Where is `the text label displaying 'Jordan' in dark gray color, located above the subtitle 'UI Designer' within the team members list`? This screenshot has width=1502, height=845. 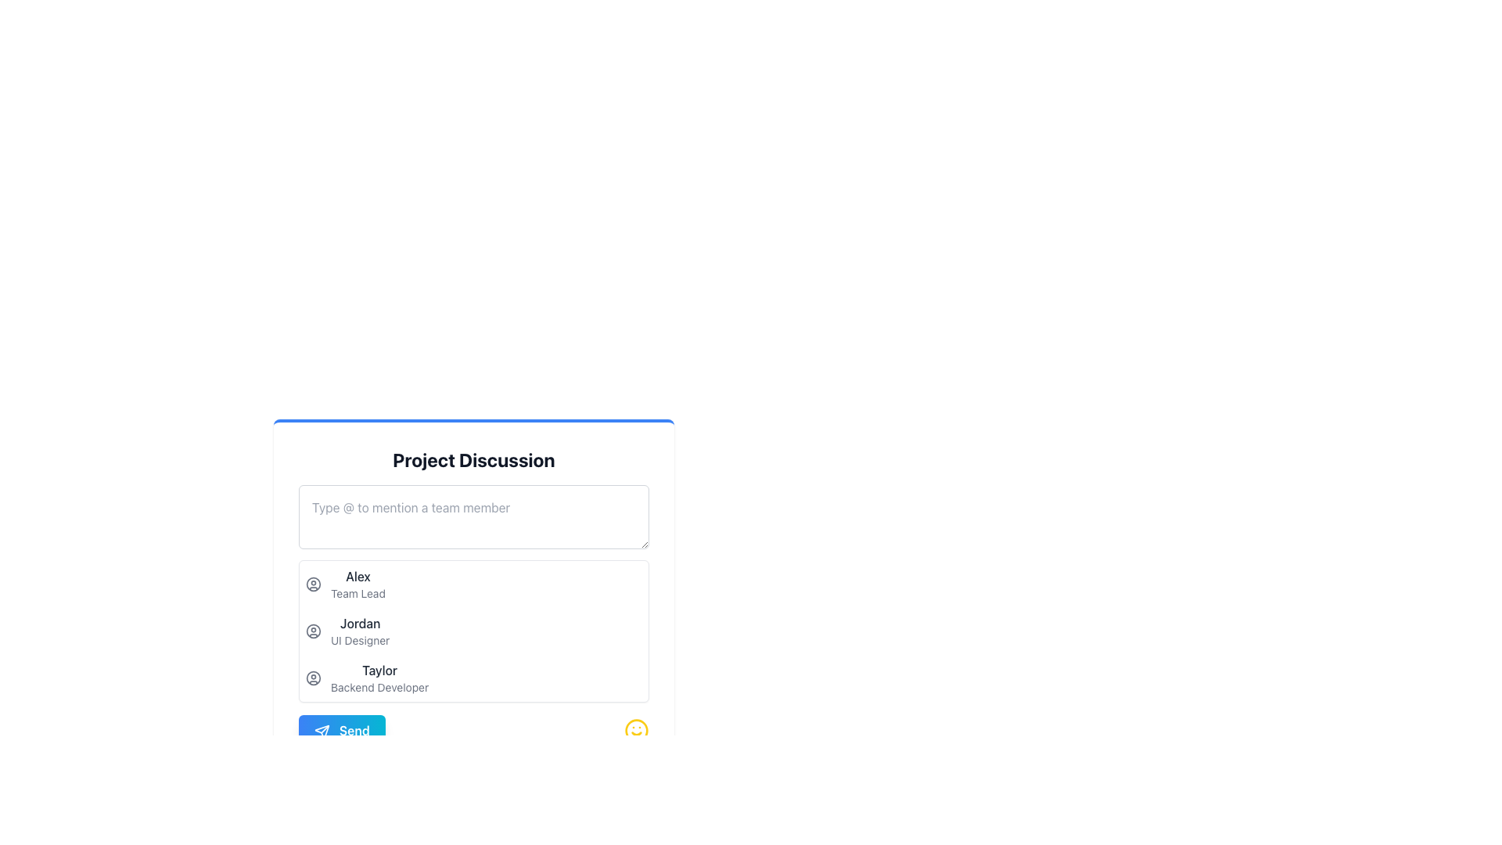
the text label displaying 'Jordan' in dark gray color, located above the subtitle 'UI Designer' within the team members list is located at coordinates (359, 623).